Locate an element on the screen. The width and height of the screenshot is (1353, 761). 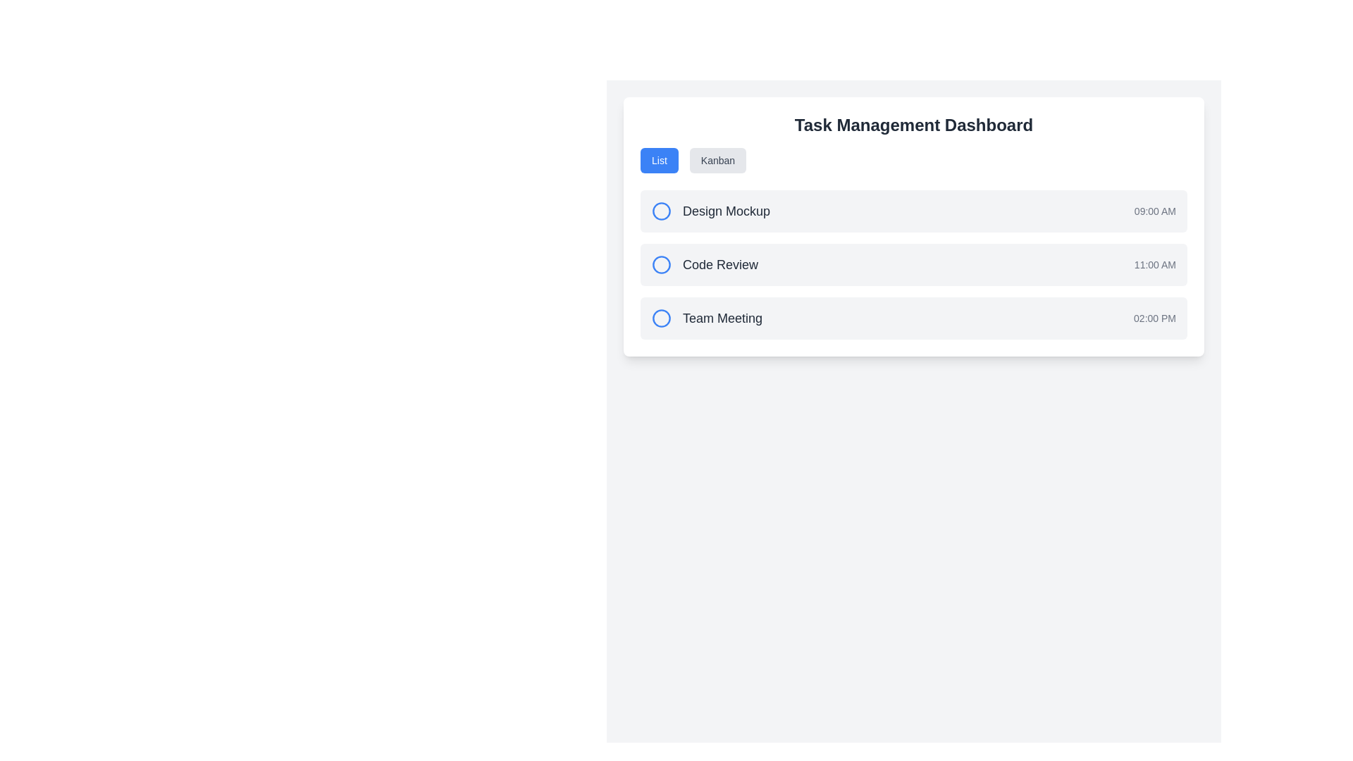
the text label displaying '11:00 AM' which is positioned to the right of the 'Code Review' task in the task management dashboard is located at coordinates (1155, 264).